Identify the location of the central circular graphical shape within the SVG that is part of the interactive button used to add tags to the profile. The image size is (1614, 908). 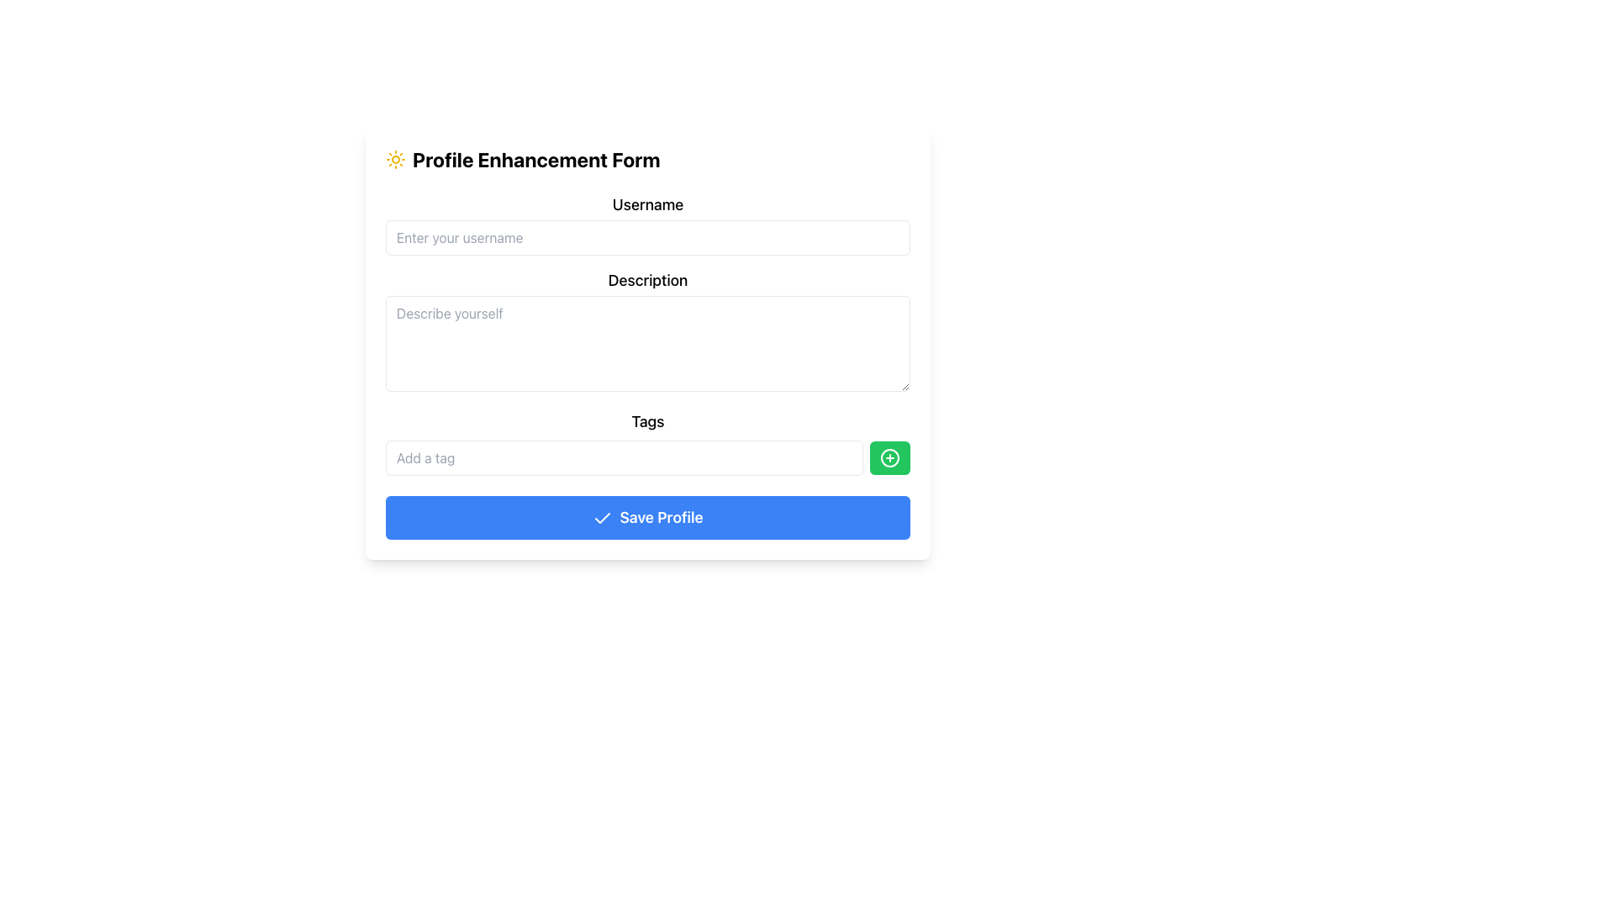
(889, 457).